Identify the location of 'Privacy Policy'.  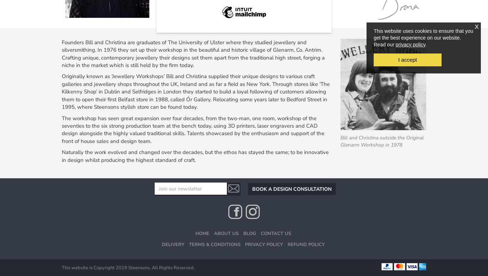
(245, 244).